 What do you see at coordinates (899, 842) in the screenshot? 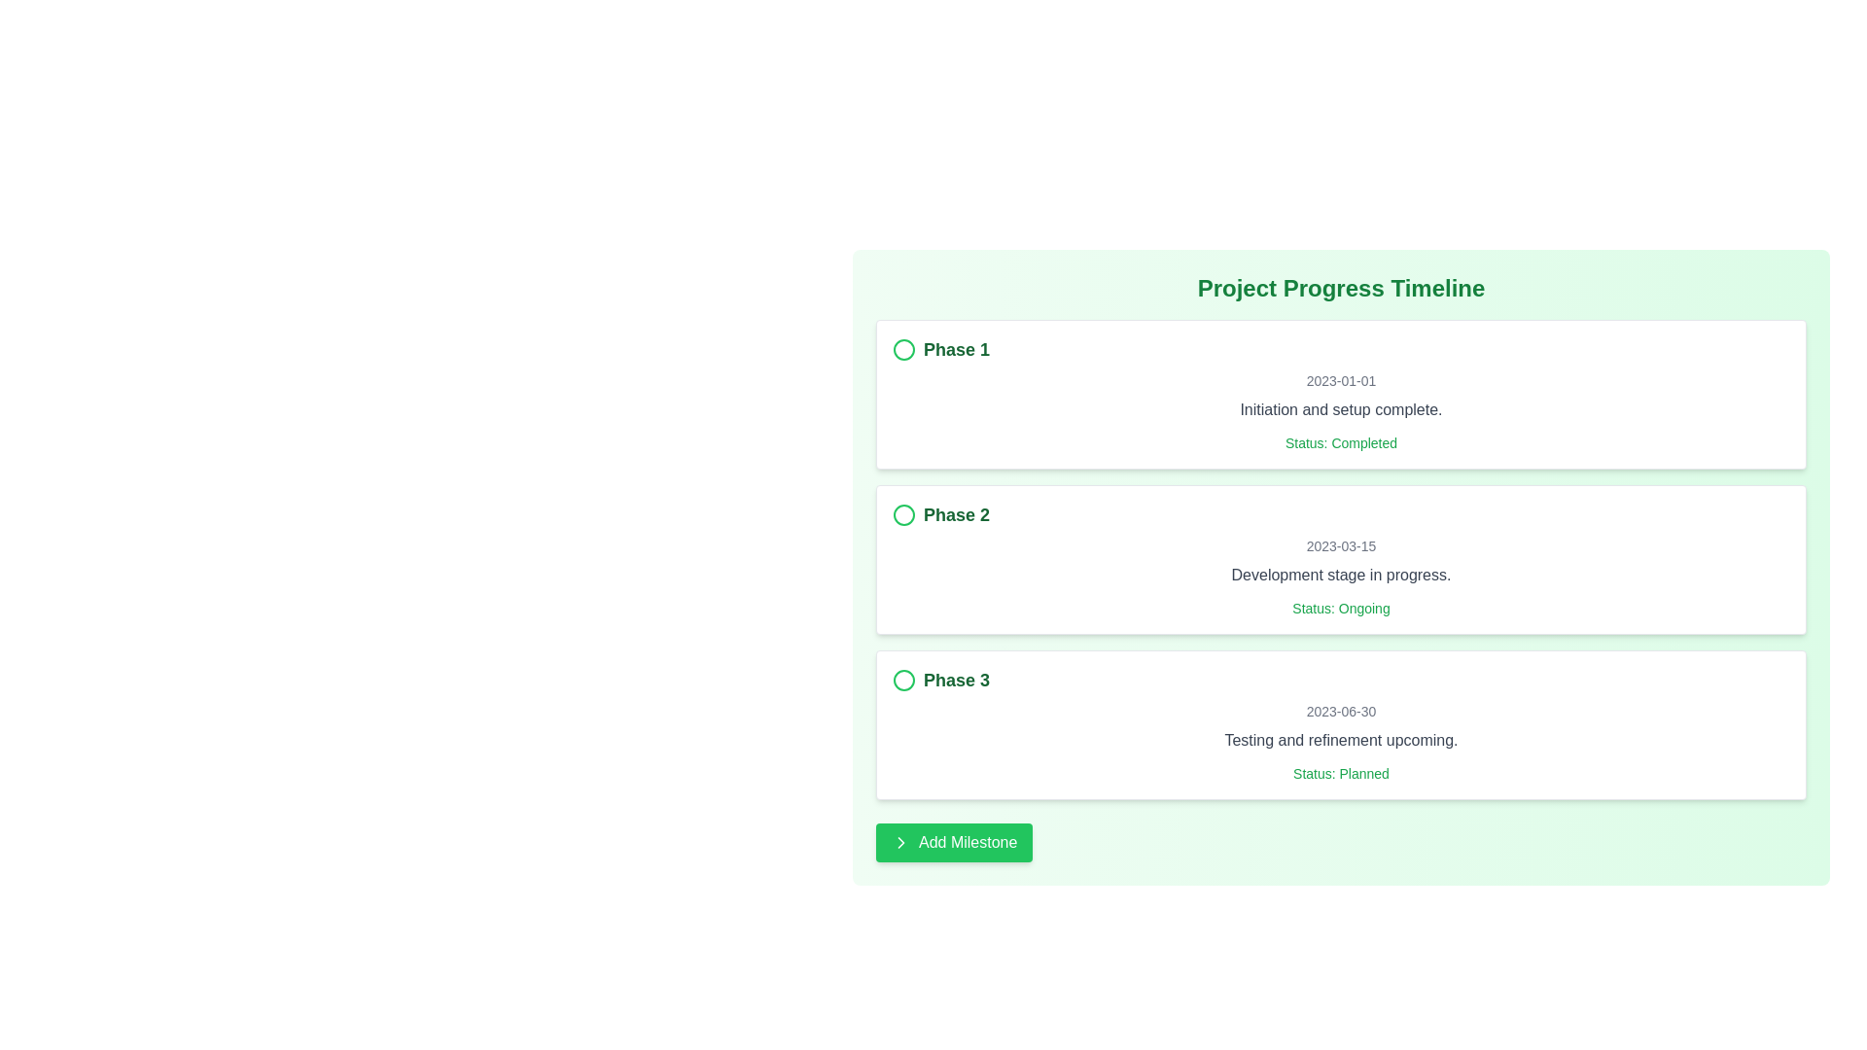
I see `the icon located on the right side of the 'Add Milestone' button at the bottom of the interface` at bounding box center [899, 842].